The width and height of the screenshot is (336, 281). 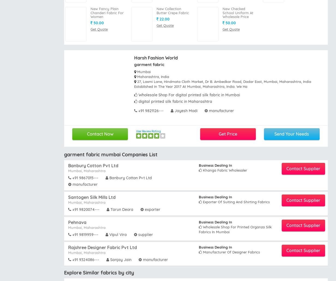 What do you see at coordinates (226, 207) in the screenshot?
I see `'Rayon fabric Wholesalers Noida'` at bounding box center [226, 207].